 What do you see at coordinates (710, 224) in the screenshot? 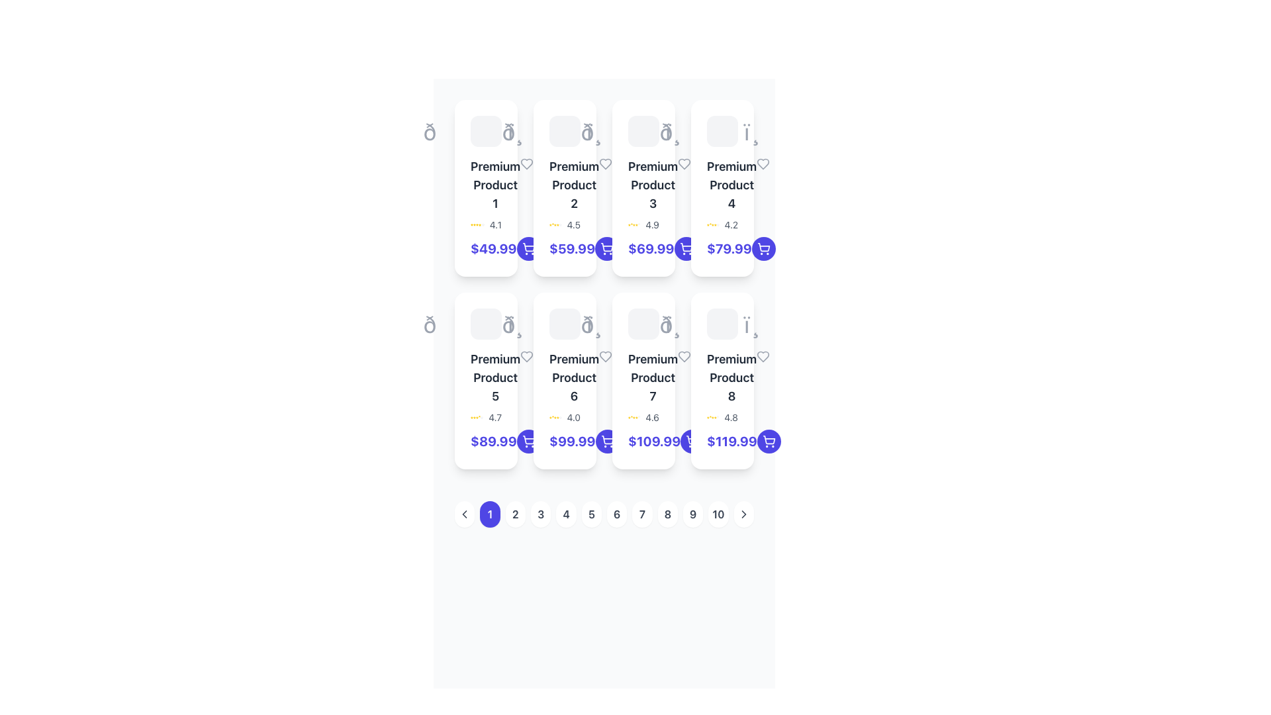
I see `the second Rating Star Icon above the rating value '4.2' for the product 'Premium Product 4' to interact with it` at bounding box center [710, 224].